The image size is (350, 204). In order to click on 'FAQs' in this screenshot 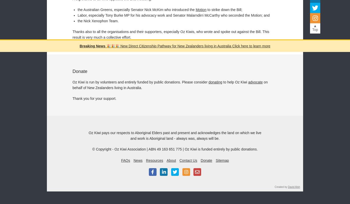, I will do `click(125, 160)`.